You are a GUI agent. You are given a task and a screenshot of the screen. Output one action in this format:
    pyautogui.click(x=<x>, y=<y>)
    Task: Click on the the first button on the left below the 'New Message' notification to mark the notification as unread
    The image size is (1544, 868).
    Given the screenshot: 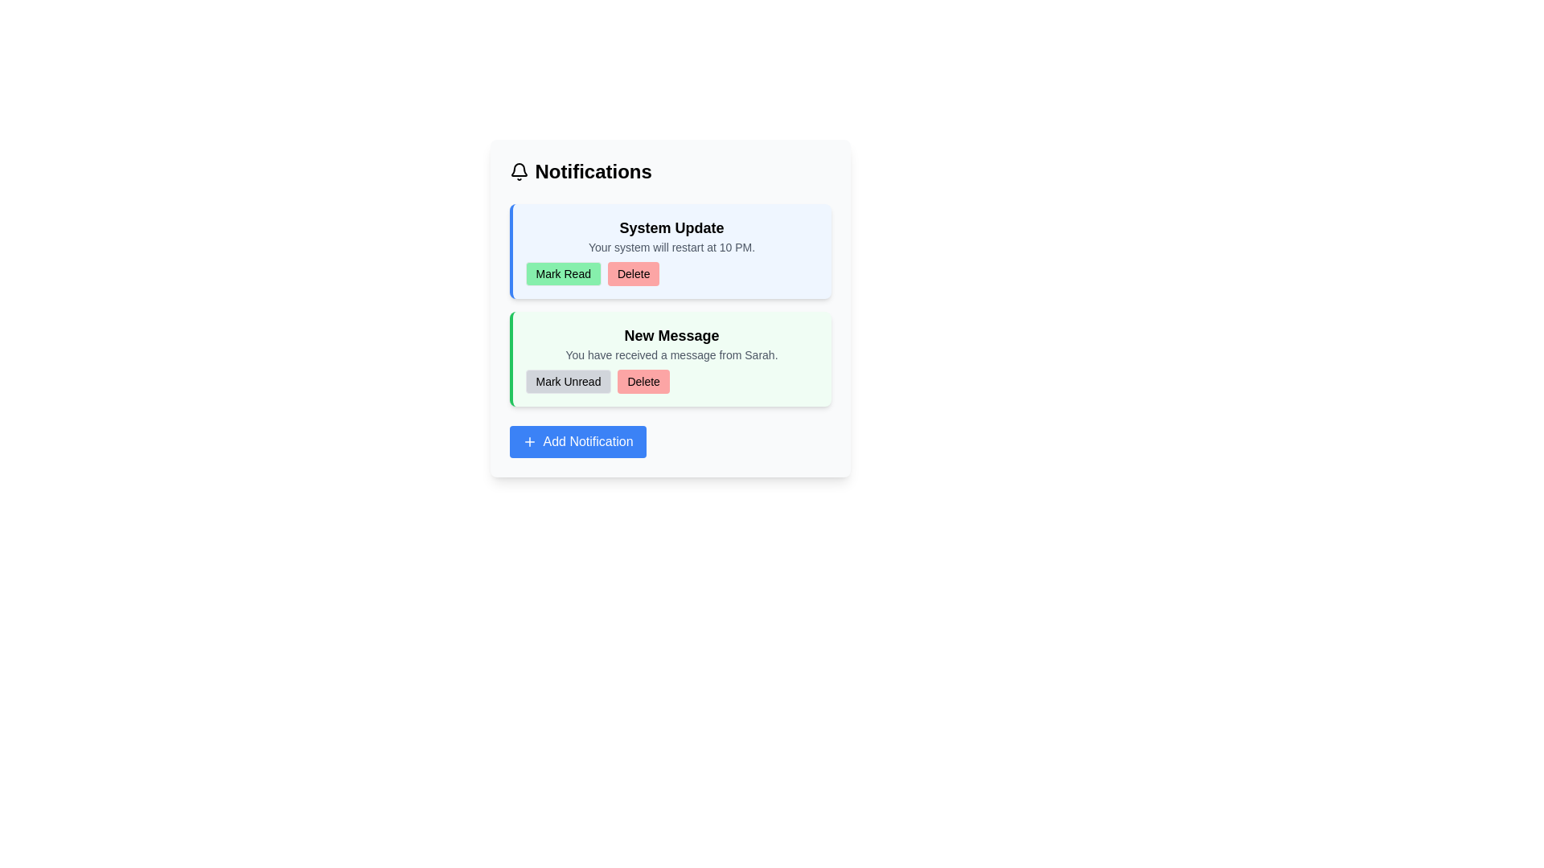 What is the action you would take?
    pyautogui.click(x=568, y=381)
    